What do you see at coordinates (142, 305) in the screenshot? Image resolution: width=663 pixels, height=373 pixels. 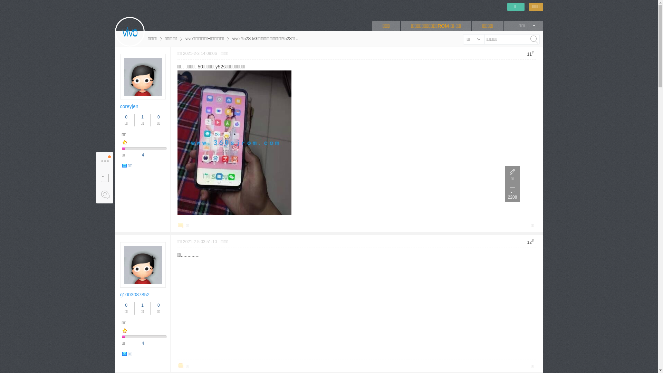 I see `'1'` at bounding box center [142, 305].